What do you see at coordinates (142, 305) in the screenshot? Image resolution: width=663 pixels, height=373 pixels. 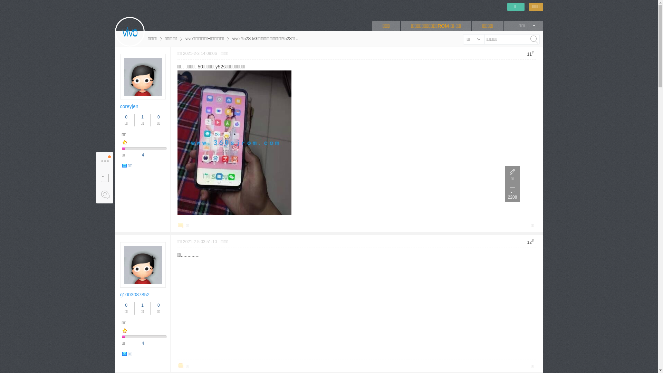 I see `'1'` at bounding box center [142, 305].